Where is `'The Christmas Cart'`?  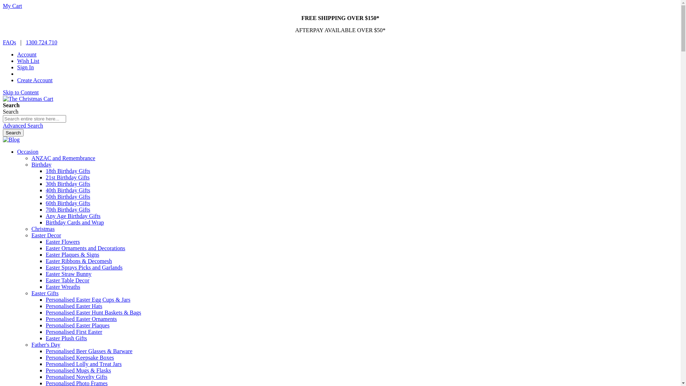
'The Christmas Cart' is located at coordinates (28, 99).